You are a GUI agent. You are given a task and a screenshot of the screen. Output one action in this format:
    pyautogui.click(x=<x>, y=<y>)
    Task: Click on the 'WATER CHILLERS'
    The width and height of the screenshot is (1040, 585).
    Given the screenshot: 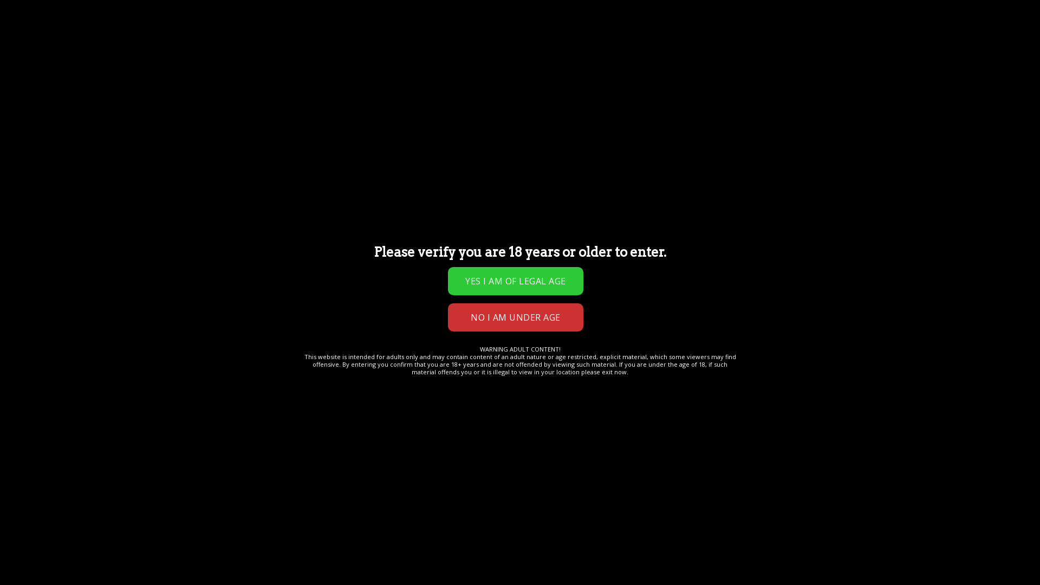 What is the action you would take?
    pyautogui.click(x=76, y=81)
    